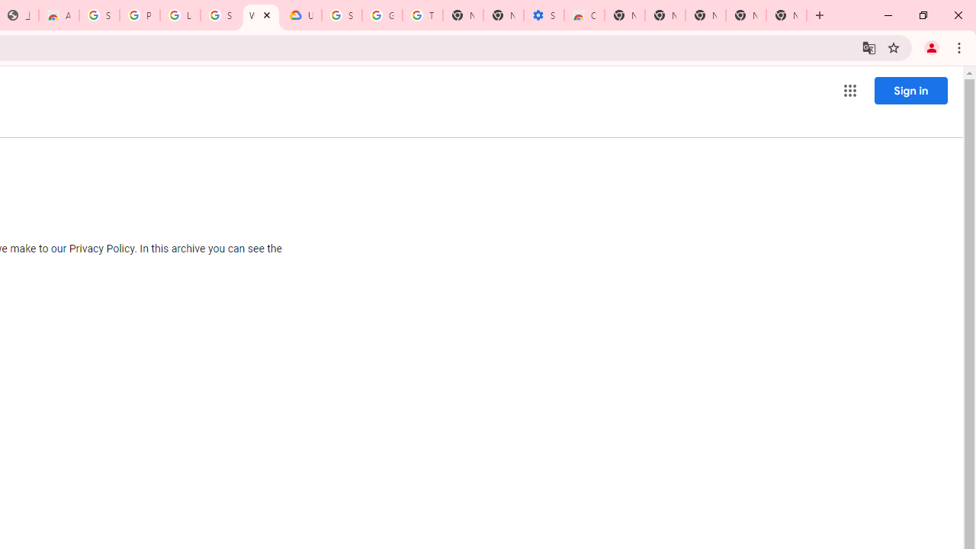 This screenshot has height=549, width=976. I want to click on 'Google Apps', so click(849, 91).